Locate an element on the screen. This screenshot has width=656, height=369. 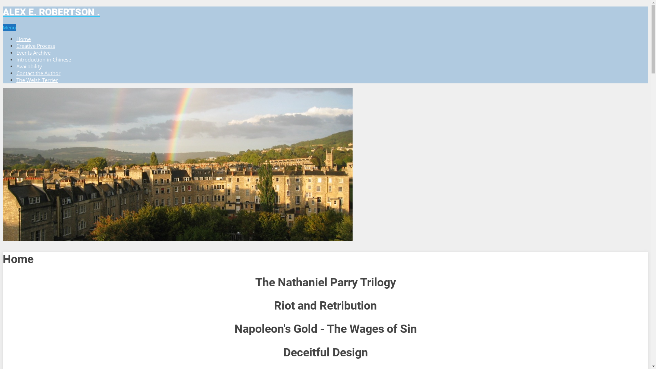
'Contact the Author' is located at coordinates (38, 73).